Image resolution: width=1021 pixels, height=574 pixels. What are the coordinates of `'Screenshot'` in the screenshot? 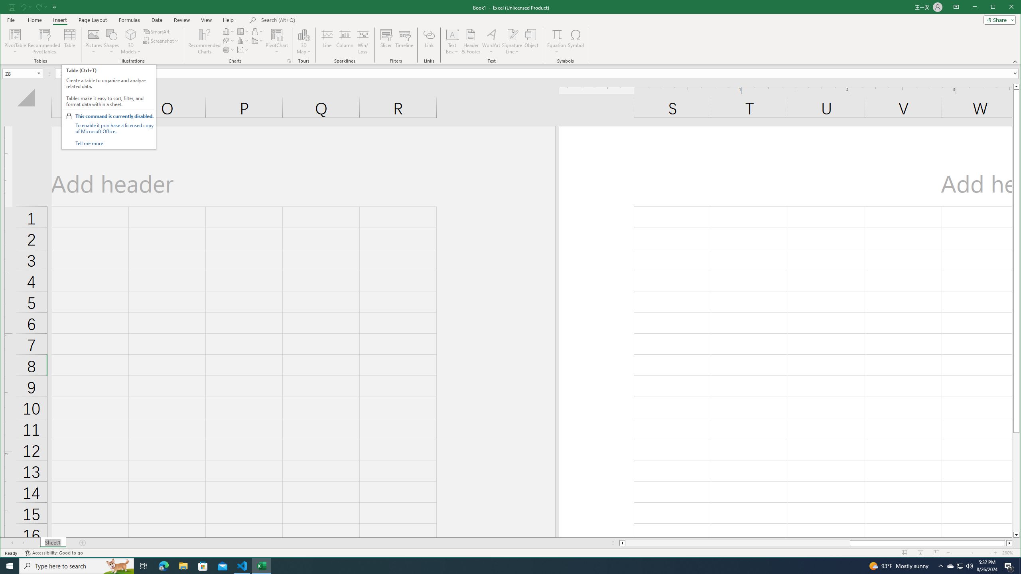 It's located at (161, 41).